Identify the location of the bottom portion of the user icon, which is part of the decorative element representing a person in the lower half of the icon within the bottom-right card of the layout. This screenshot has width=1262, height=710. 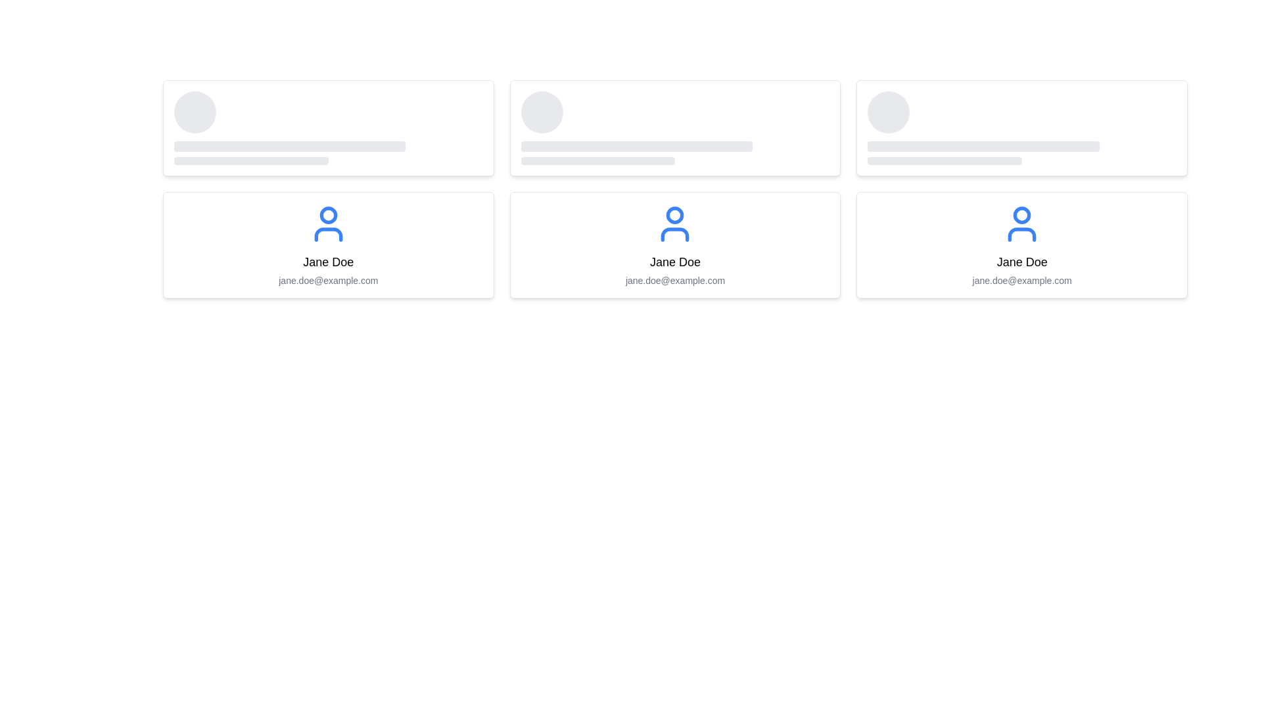
(1021, 234).